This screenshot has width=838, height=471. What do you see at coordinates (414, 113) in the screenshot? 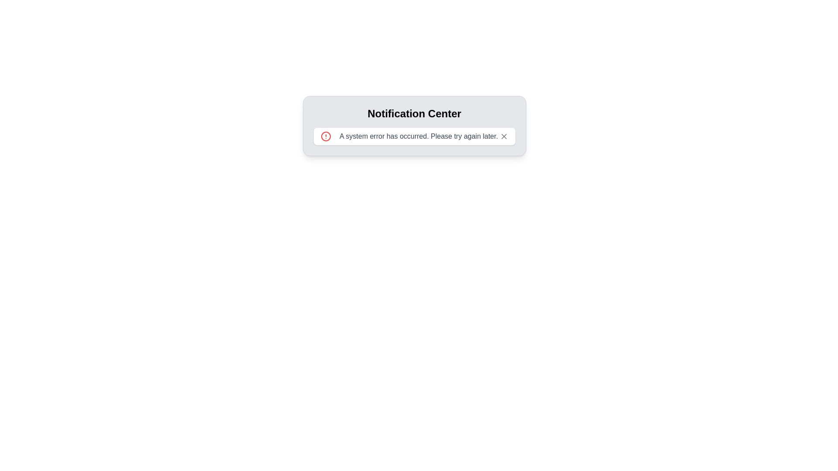
I see `the title text element at the top of the notification card that describes its content` at bounding box center [414, 113].